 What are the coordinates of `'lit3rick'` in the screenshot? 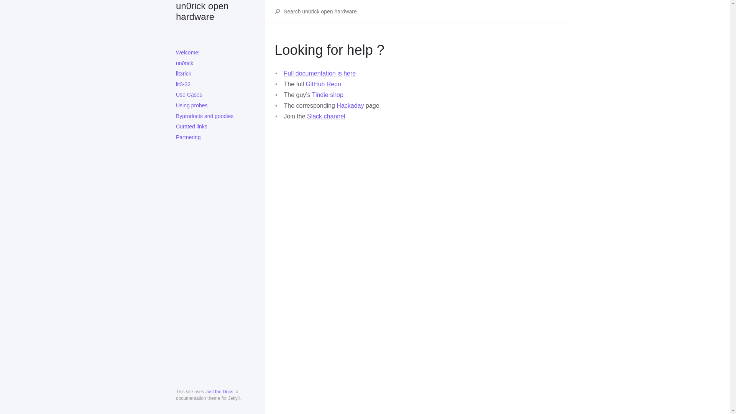 It's located at (214, 74).